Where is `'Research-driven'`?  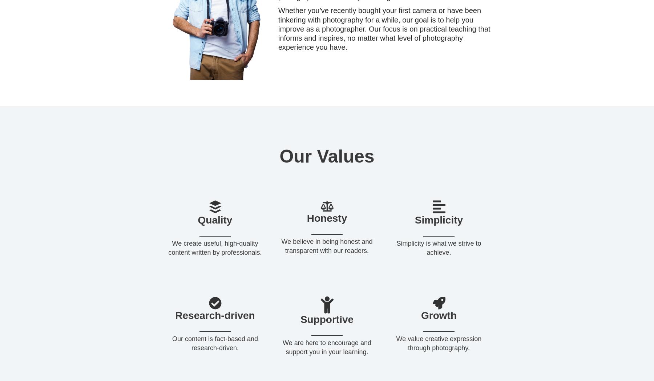 'Research-driven' is located at coordinates (175, 315).